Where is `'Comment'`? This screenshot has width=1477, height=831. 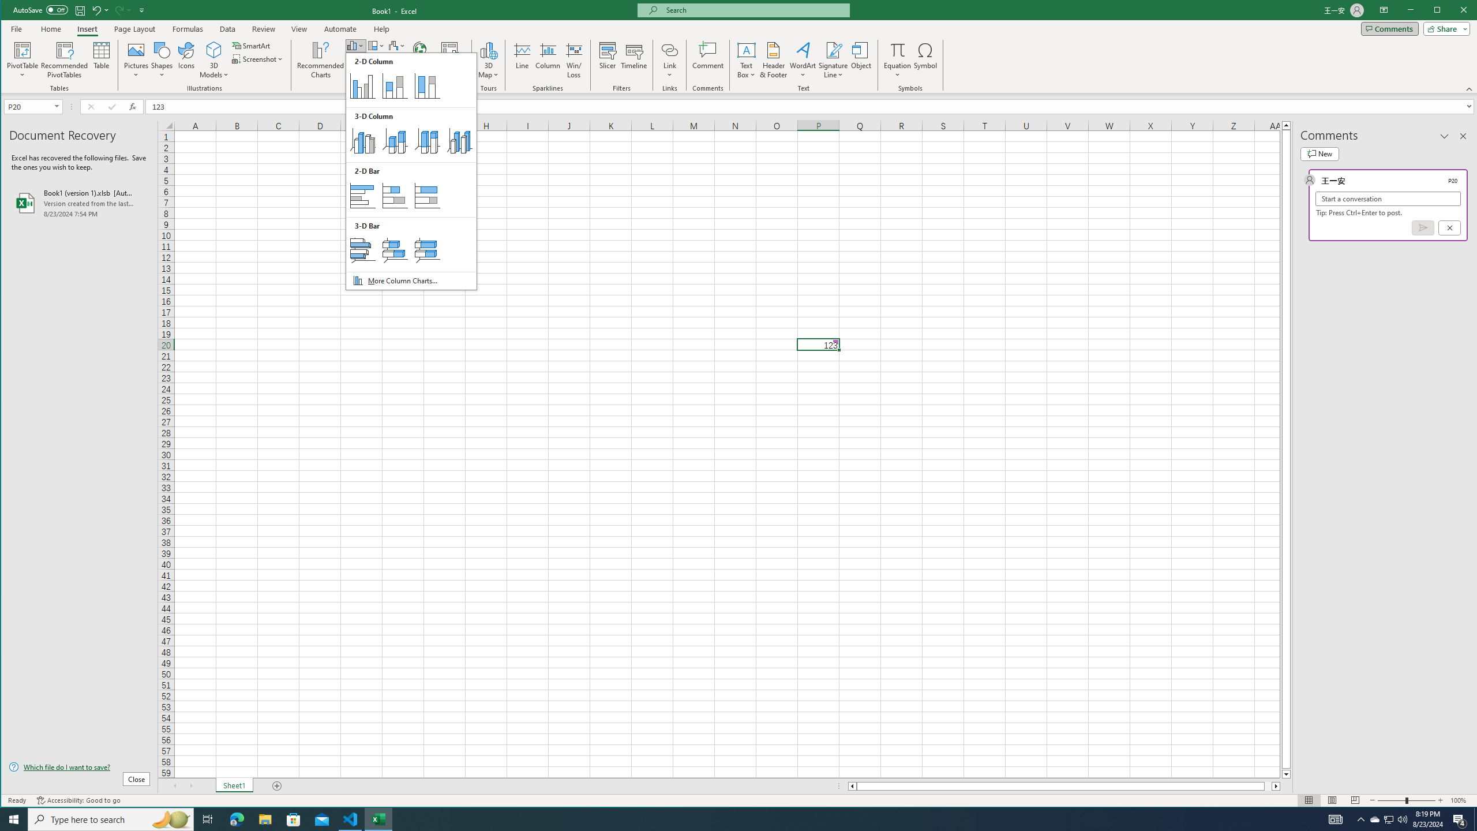 'Comment' is located at coordinates (708, 59).